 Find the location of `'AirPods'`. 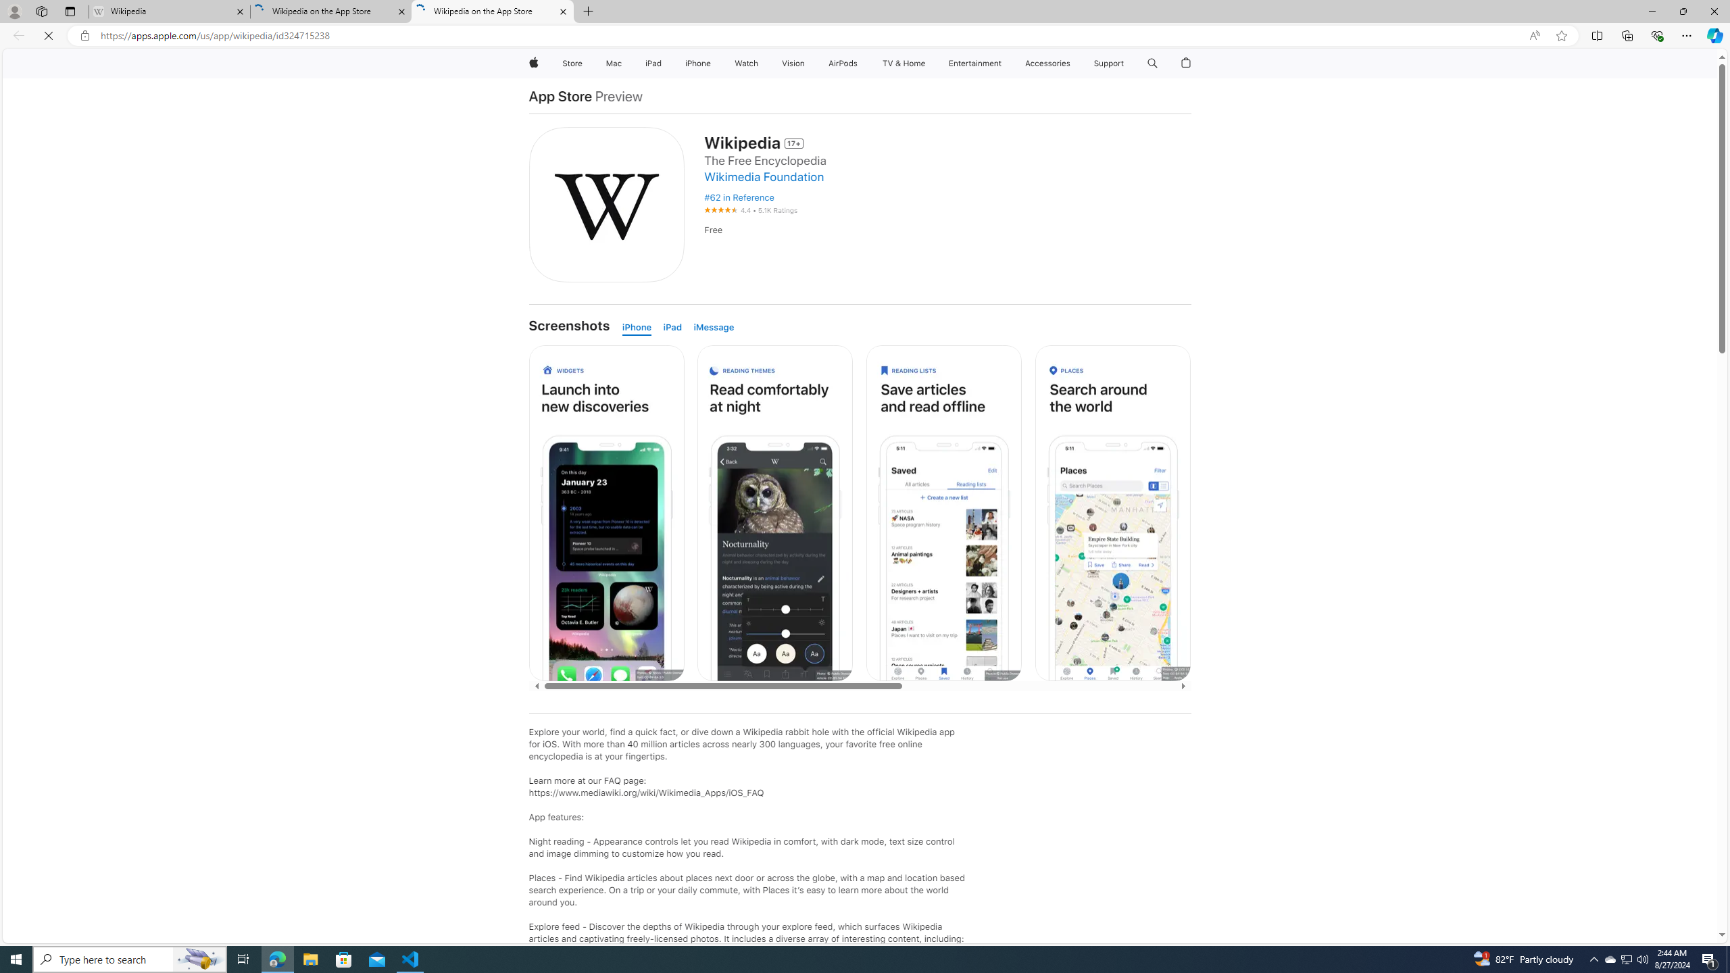

'AirPods' is located at coordinates (843, 63).